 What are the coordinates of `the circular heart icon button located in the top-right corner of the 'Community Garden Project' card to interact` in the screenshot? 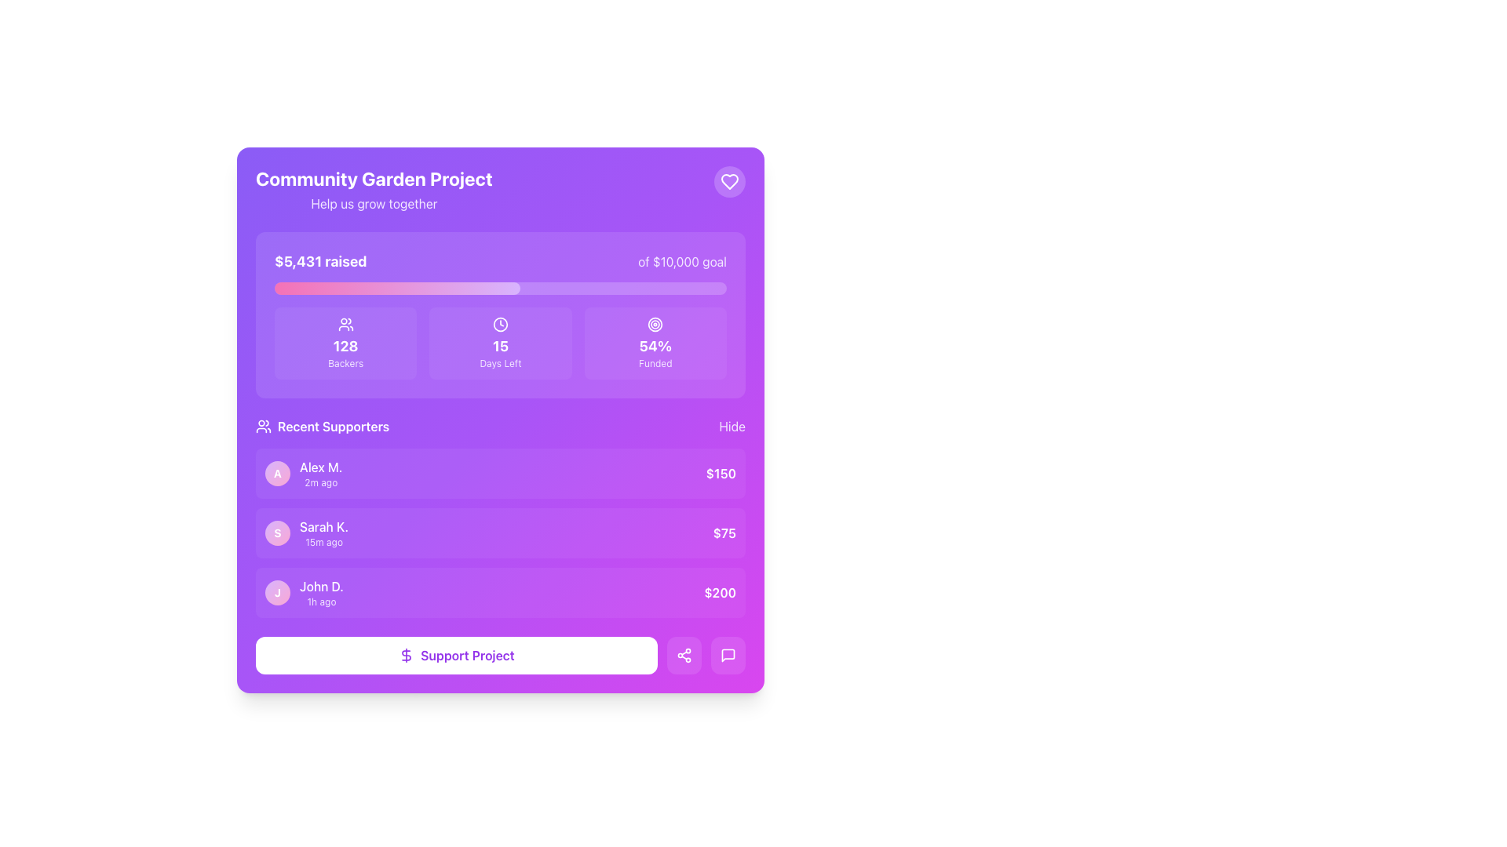 It's located at (729, 180).